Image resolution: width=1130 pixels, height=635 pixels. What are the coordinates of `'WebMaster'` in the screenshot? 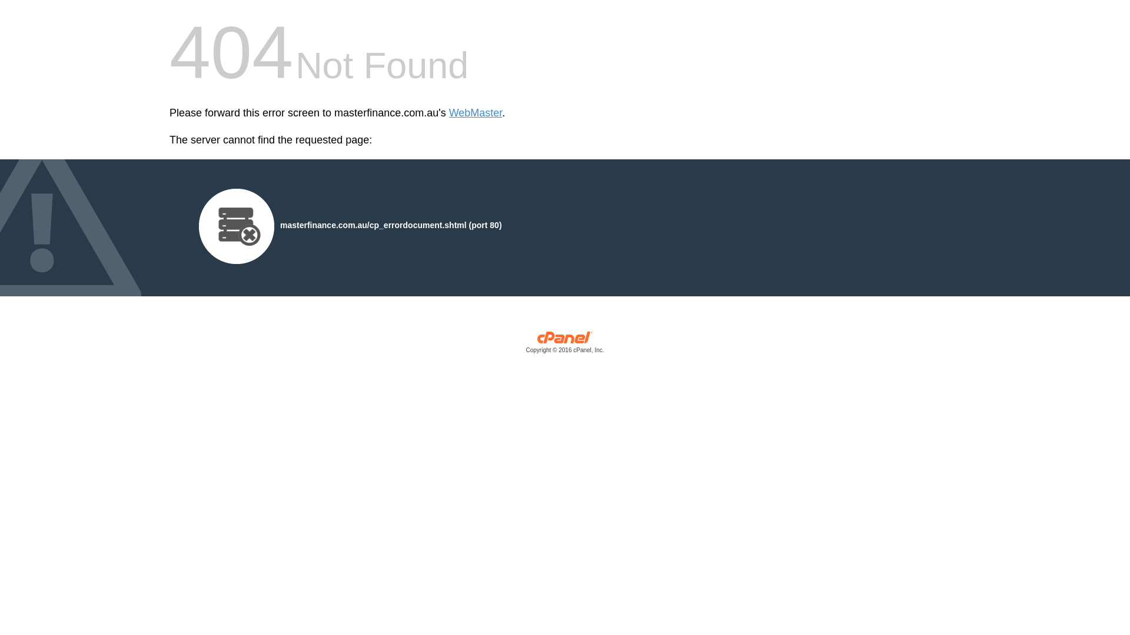 It's located at (476, 113).